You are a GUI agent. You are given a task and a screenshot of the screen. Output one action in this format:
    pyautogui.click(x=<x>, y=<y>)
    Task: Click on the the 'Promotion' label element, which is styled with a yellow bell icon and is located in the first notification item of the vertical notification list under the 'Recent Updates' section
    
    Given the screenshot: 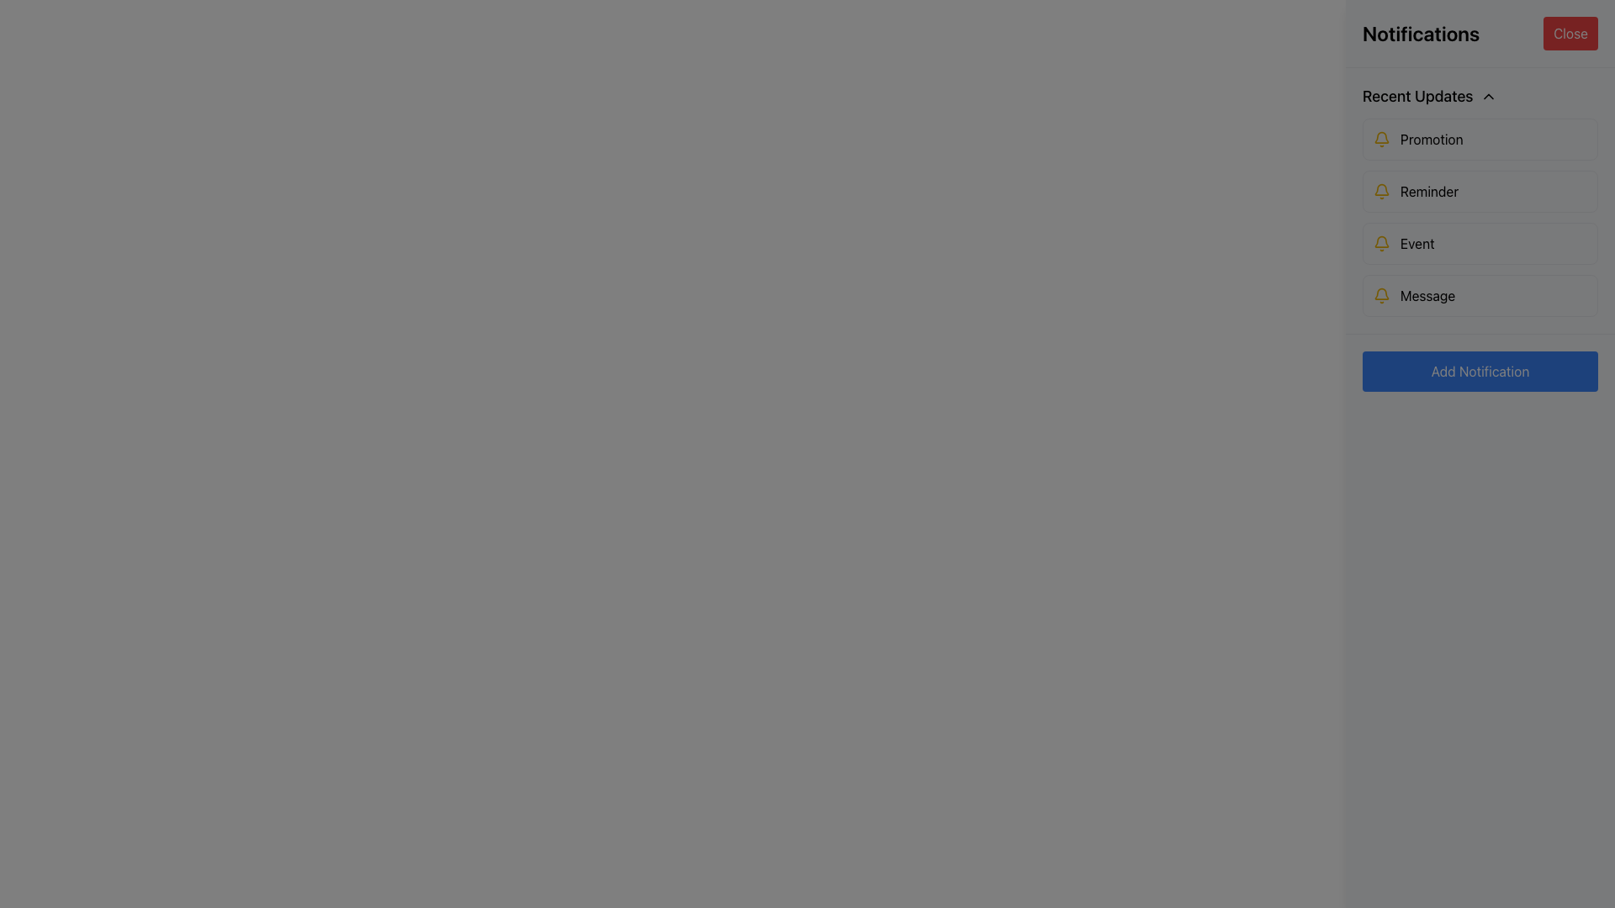 What is the action you would take?
    pyautogui.click(x=1431, y=138)
    